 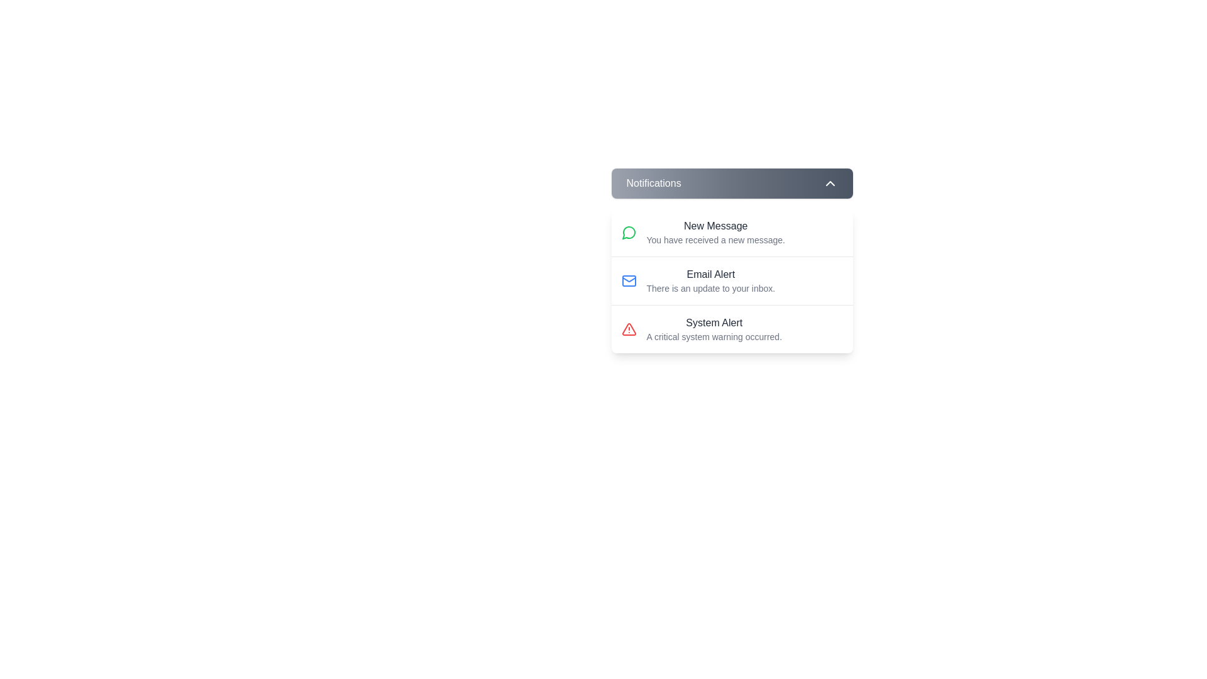 What do you see at coordinates (732, 280) in the screenshot?
I see `the second entry in the notification list` at bounding box center [732, 280].